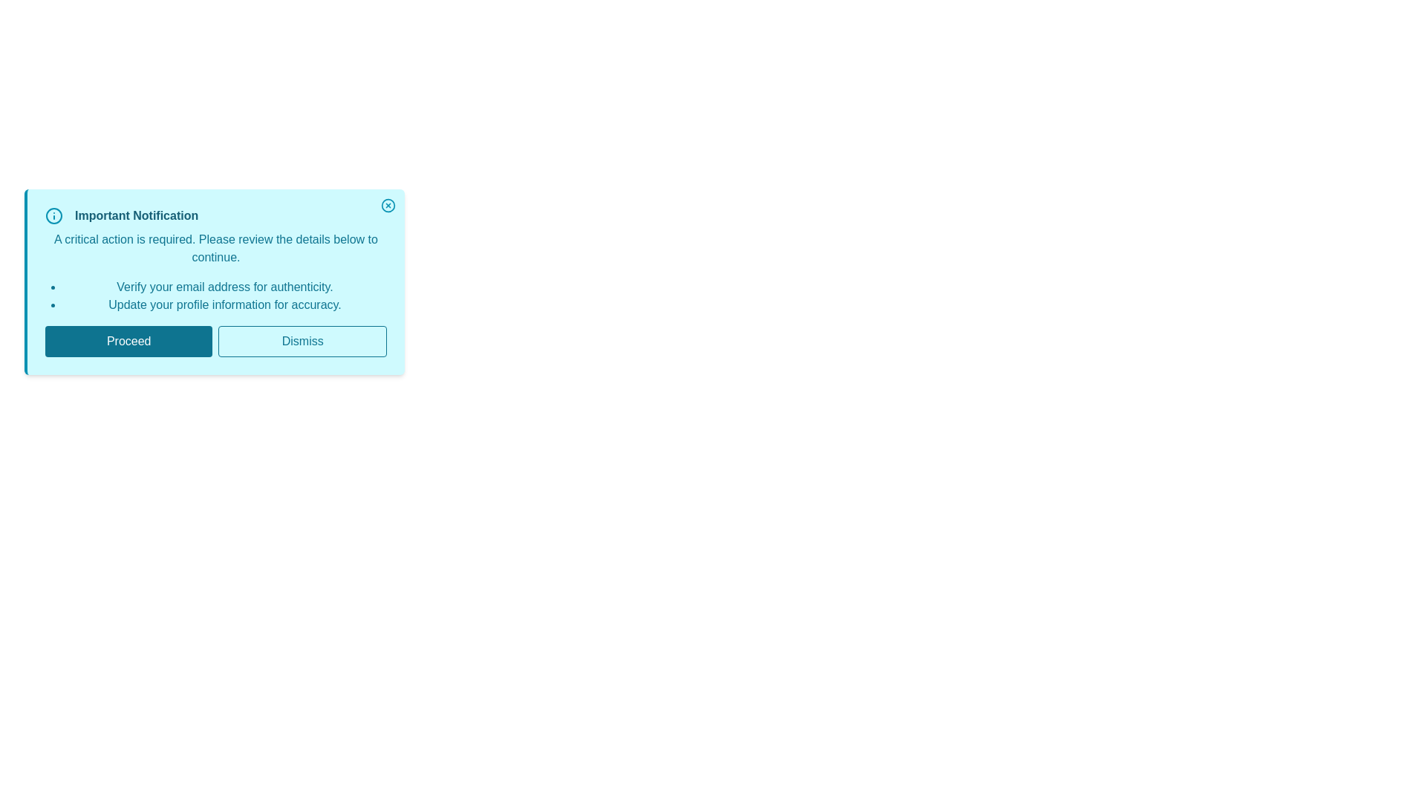  I want to click on the Dismiss button to observe its hover effect, so click(302, 341).